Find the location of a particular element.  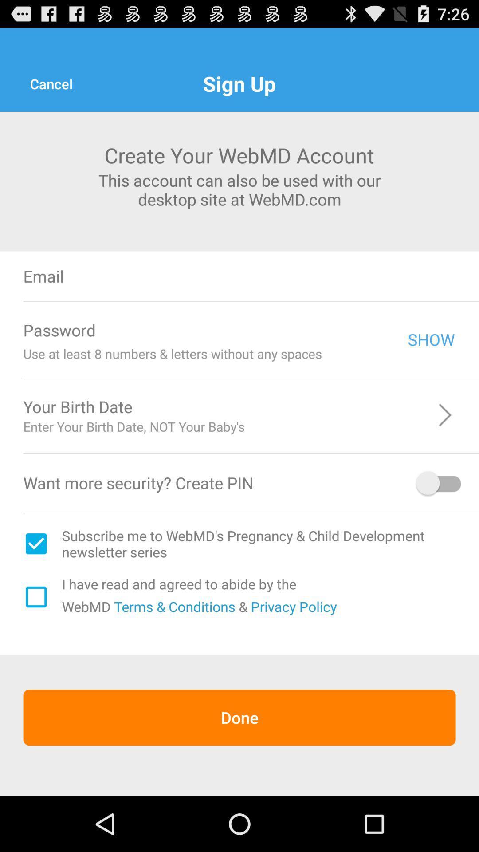

email is located at coordinates (296, 276).